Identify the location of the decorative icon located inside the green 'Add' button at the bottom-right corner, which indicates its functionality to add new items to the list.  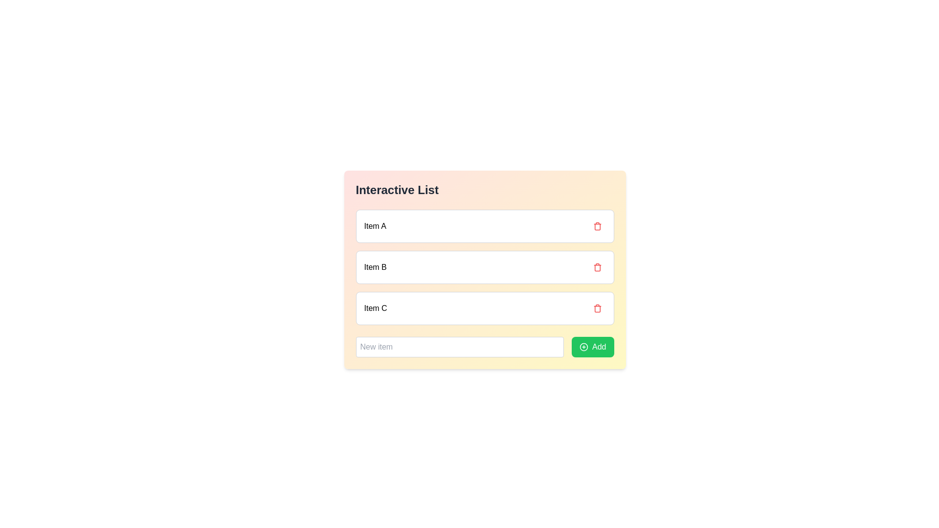
(584, 346).